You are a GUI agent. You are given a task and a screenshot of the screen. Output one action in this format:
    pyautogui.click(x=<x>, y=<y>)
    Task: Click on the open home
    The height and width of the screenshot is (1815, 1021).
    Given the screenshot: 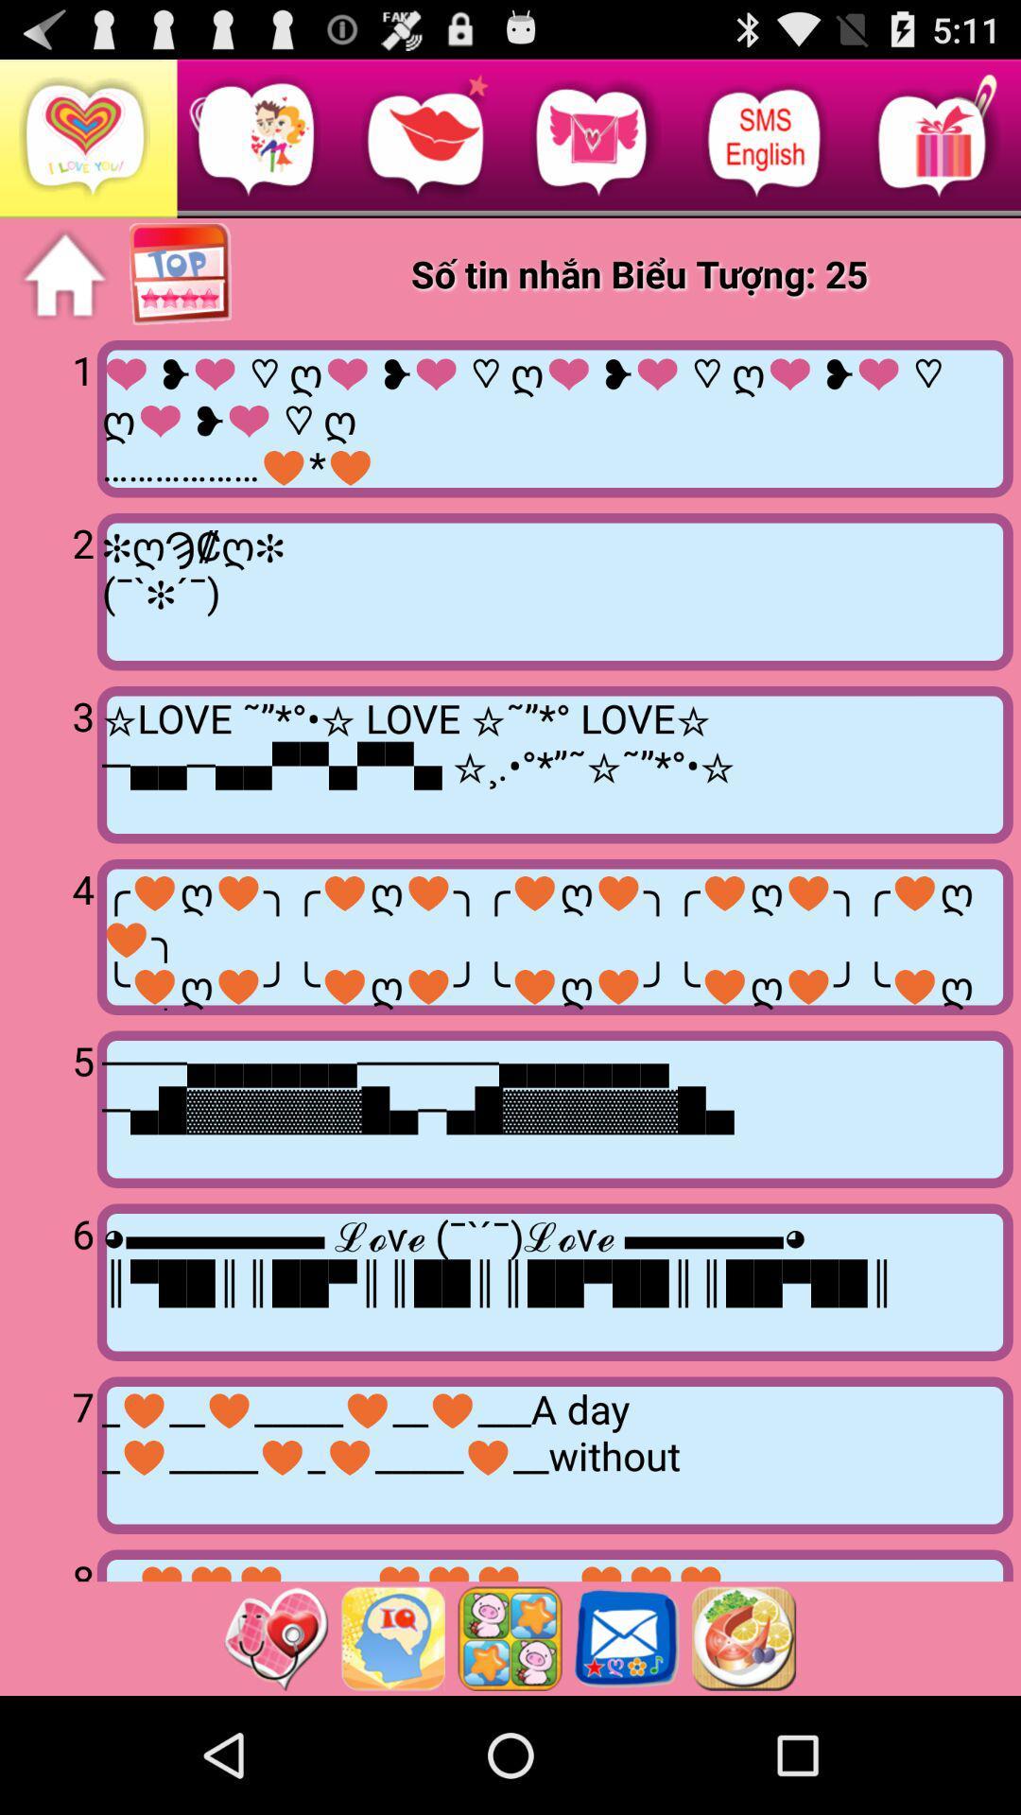 What is the action you would take?
    pyautogui.click(x=63, y=274)
    